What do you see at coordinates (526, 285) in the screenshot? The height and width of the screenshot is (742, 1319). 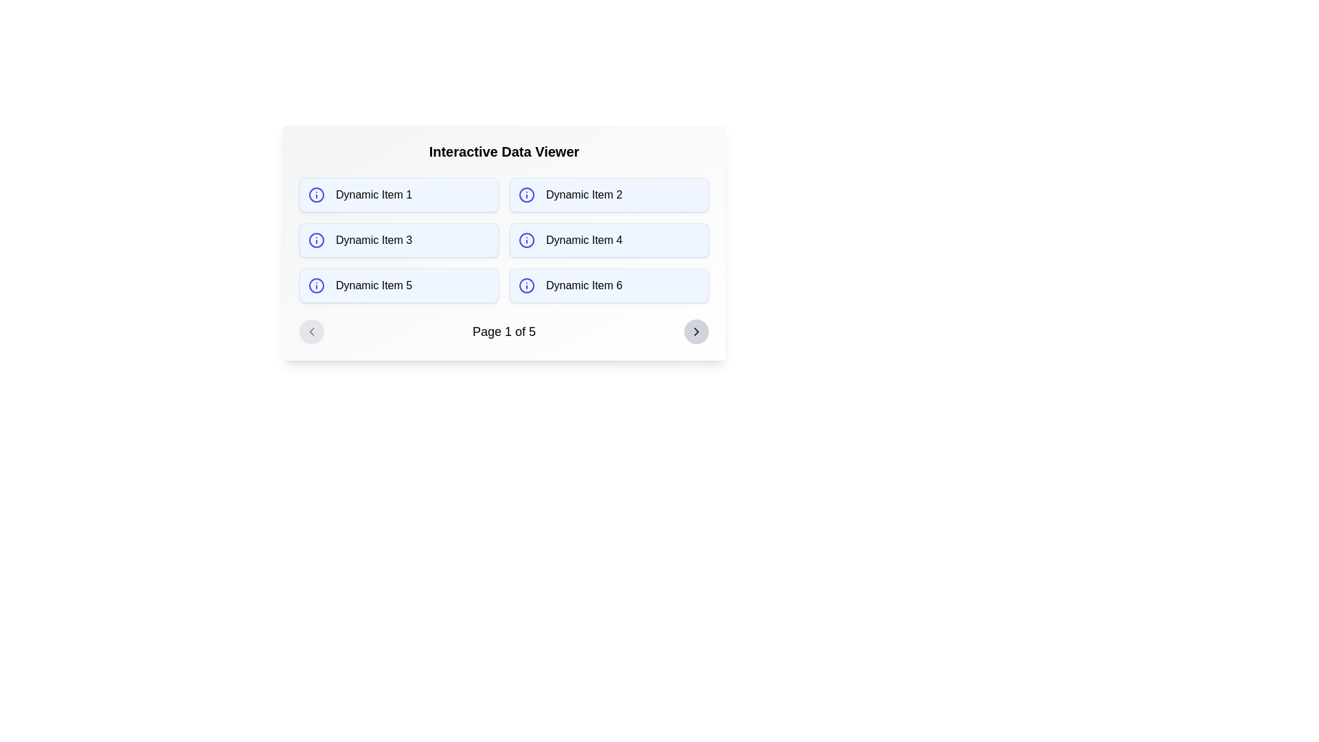 I see `the information icon shaped like an 'i' in a circle, which is styled in blue and located to the left of the text labeled 'Dynamic Item 6' in the bottom right corner of the 2x3 grid in the 'Interactive Data Viewer.'` at bounding box center [526, 285].